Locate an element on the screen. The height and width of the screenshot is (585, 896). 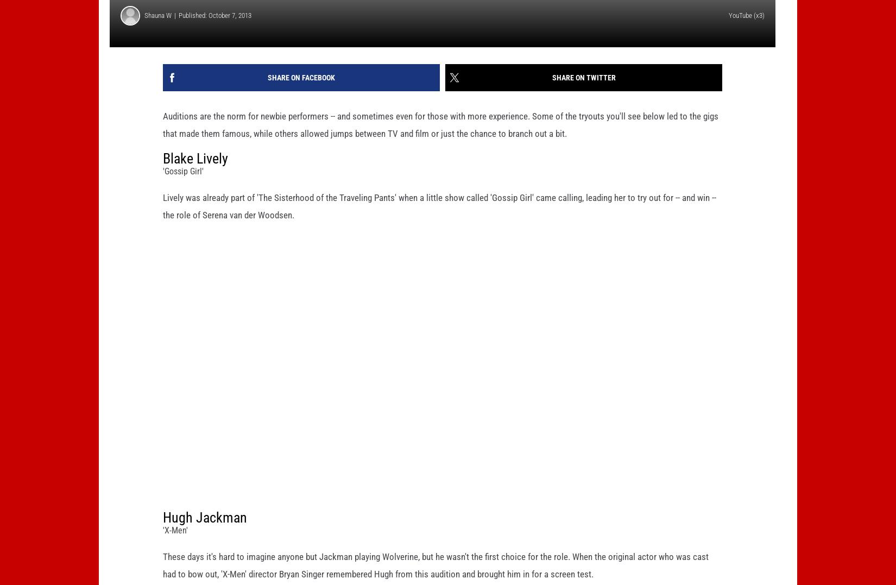
'Auditions are the norm for newbie performers -- and sometimes even for those with more experience. Some of the tryouts you'll see below led to the gigs that made them famous, while others allowed jumps between TV and film or just the chance to branch out a bit.' is located at coordinates (440, 141).